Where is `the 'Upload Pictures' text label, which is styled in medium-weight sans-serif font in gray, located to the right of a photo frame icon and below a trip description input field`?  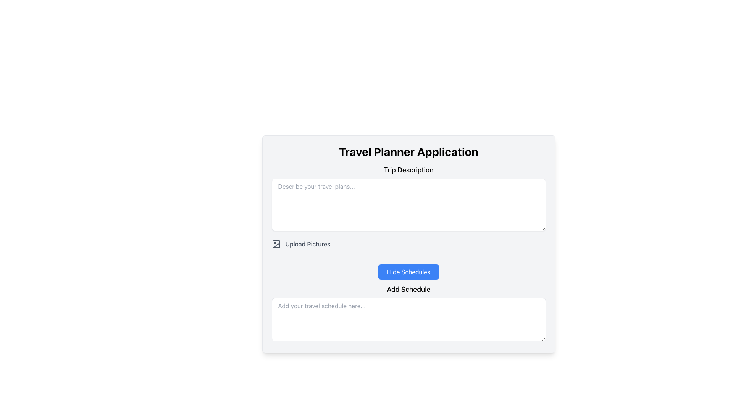 the 'Upload Pictures' text label, which is styled in medium-weight sans-serif font in gray, located to the right of a photo frame icon and below a trip description input field is located at coordinates (308, 244).